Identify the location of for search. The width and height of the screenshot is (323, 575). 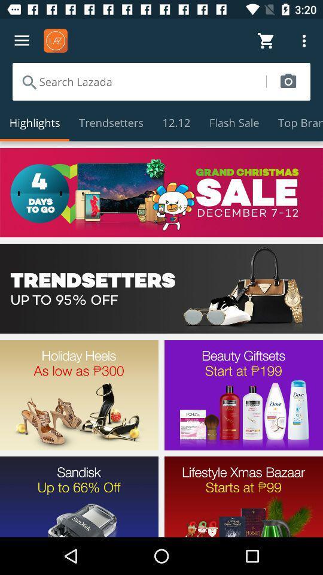
(138, 81).